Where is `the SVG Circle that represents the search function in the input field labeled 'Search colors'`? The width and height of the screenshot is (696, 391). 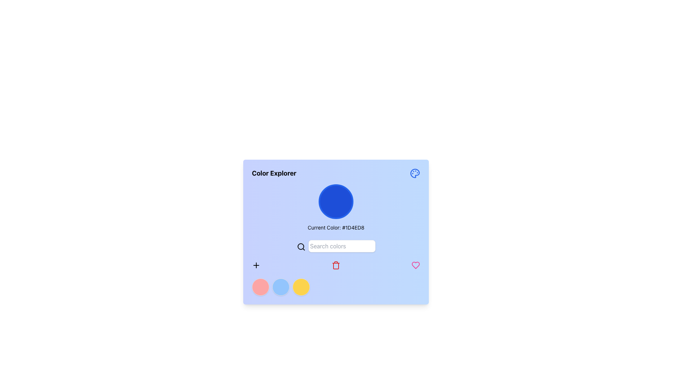 the SVG Circle that represents the search function in the input field labeled 'Search colors' is located at coordinates (301, 246).